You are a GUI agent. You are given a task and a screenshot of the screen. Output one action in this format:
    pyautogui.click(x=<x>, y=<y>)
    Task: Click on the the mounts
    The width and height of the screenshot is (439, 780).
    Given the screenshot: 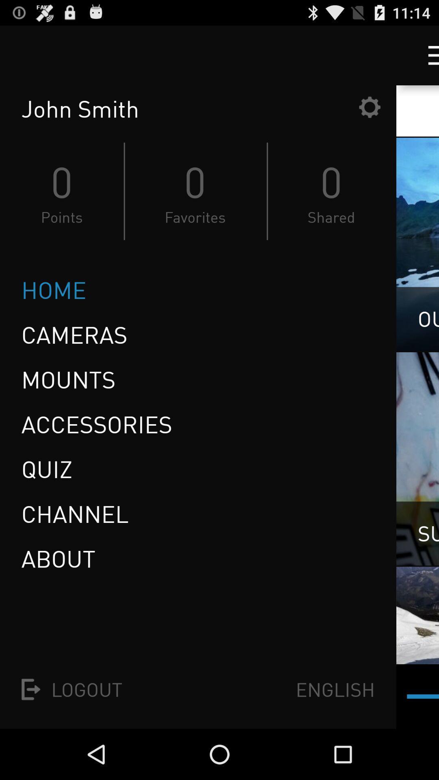 What is the action you would take?
    pyautogui.click(x=68, y=379)
    